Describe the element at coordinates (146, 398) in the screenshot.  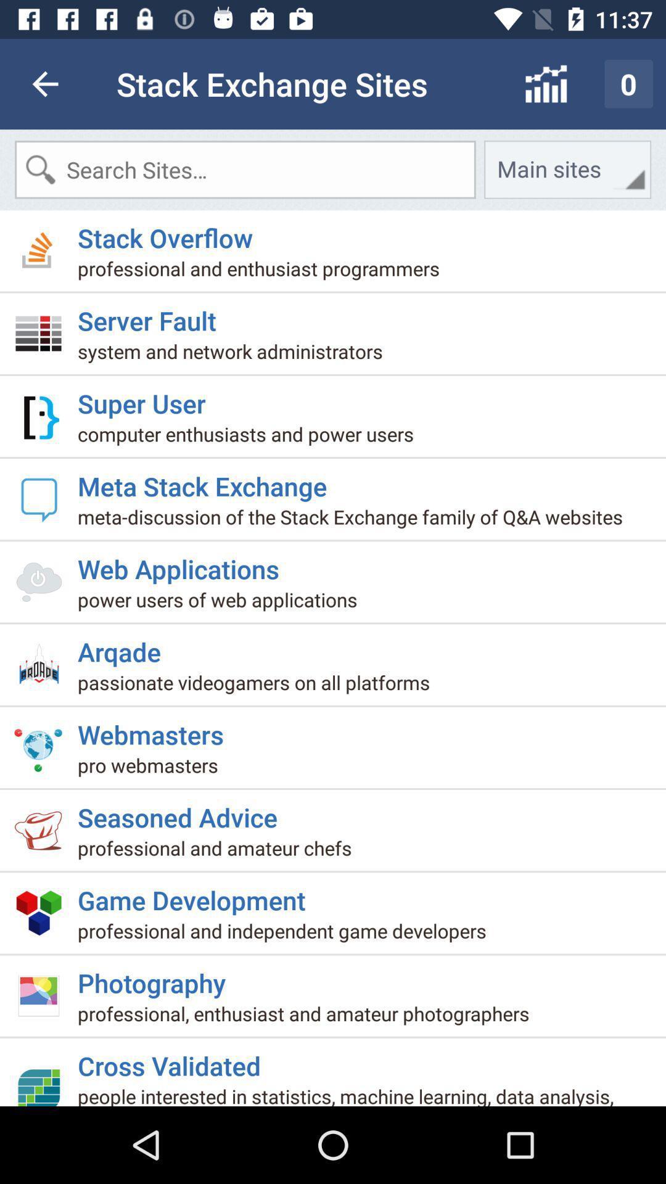
I see `the icon above computer enthusiasts and item` at that location.